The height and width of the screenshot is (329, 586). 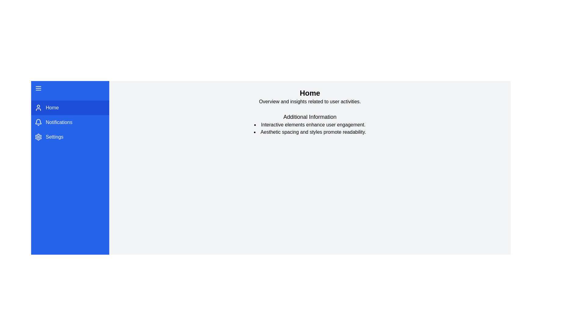 I want to click on the Notifications section from the sidebar menu, so click(x=70, y=122).